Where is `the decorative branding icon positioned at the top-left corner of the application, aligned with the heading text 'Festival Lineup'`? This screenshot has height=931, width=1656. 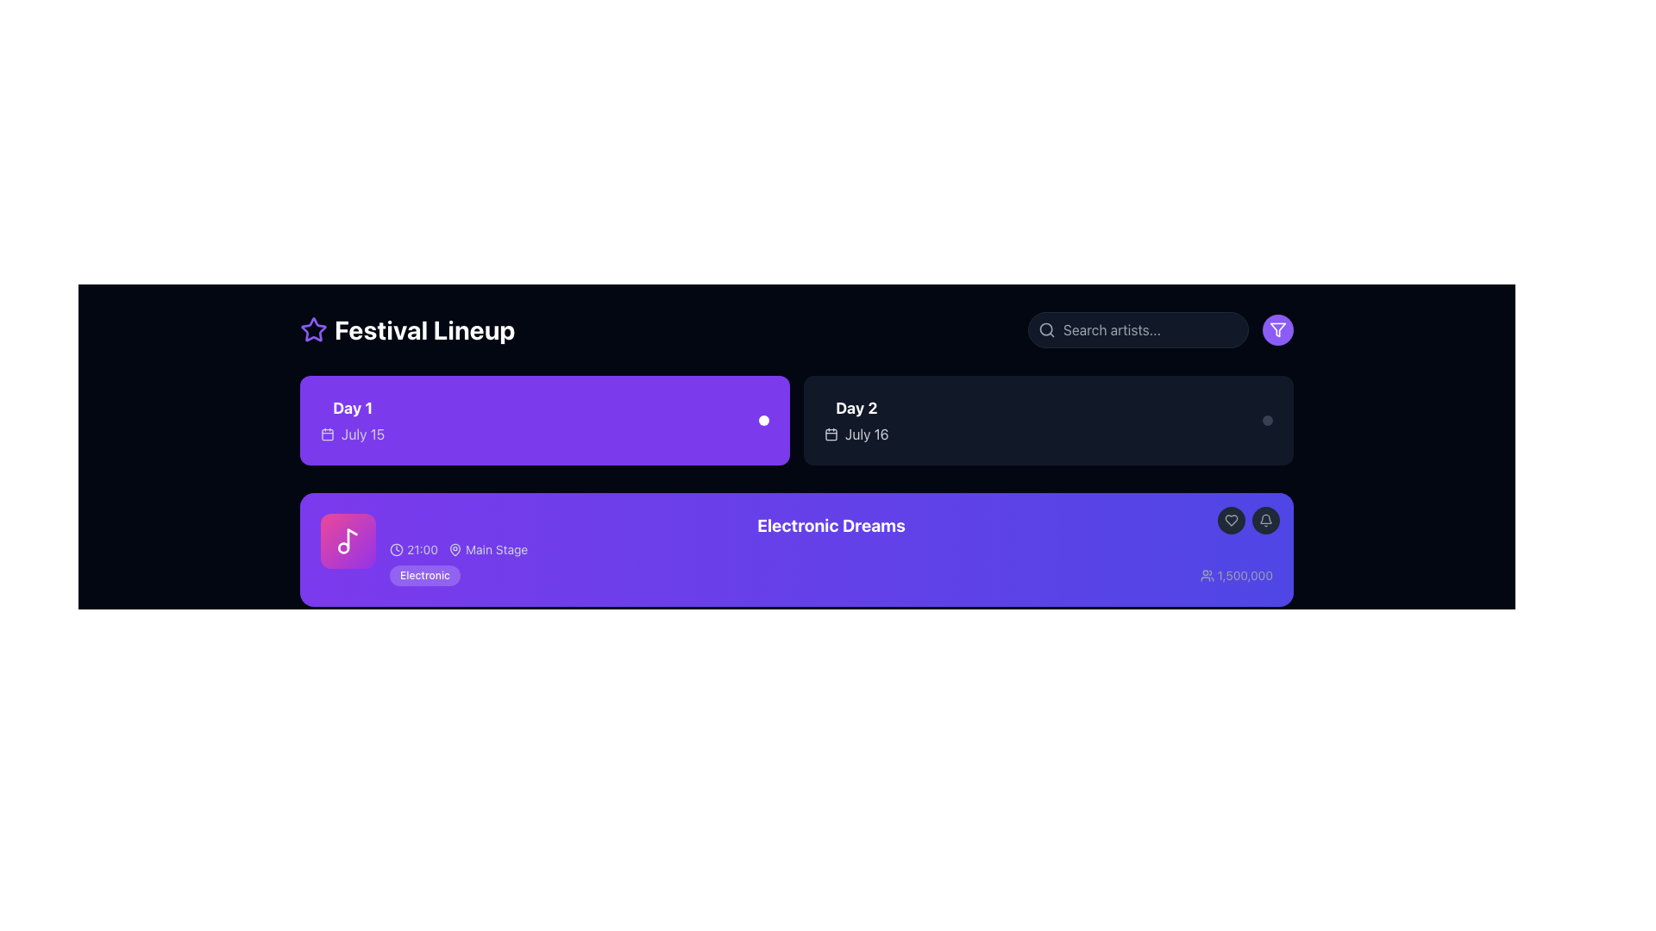 the decorative branding icon positioned at the top-left corner of the application, aligned with the heading text 'Festival Lineup' is located at coordinates (314, 329).